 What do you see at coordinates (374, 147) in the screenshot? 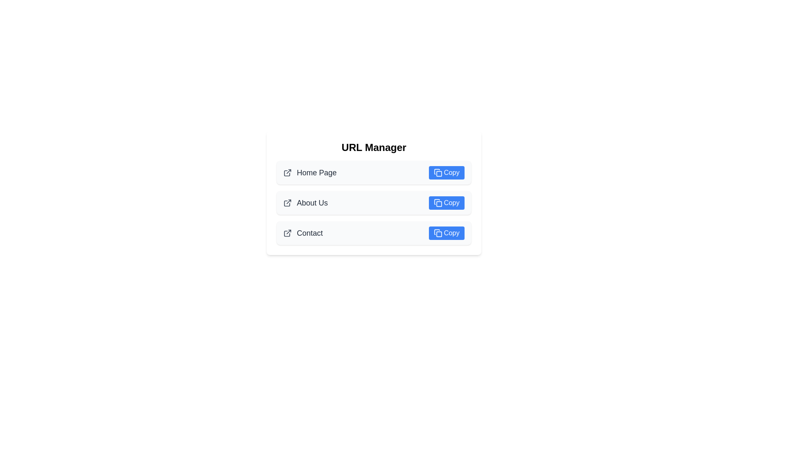
I see `the heading displaying 'URL Manager', which is a bold and large static text element prominently positioned at the top of the section` at bounding box center [374, 147].